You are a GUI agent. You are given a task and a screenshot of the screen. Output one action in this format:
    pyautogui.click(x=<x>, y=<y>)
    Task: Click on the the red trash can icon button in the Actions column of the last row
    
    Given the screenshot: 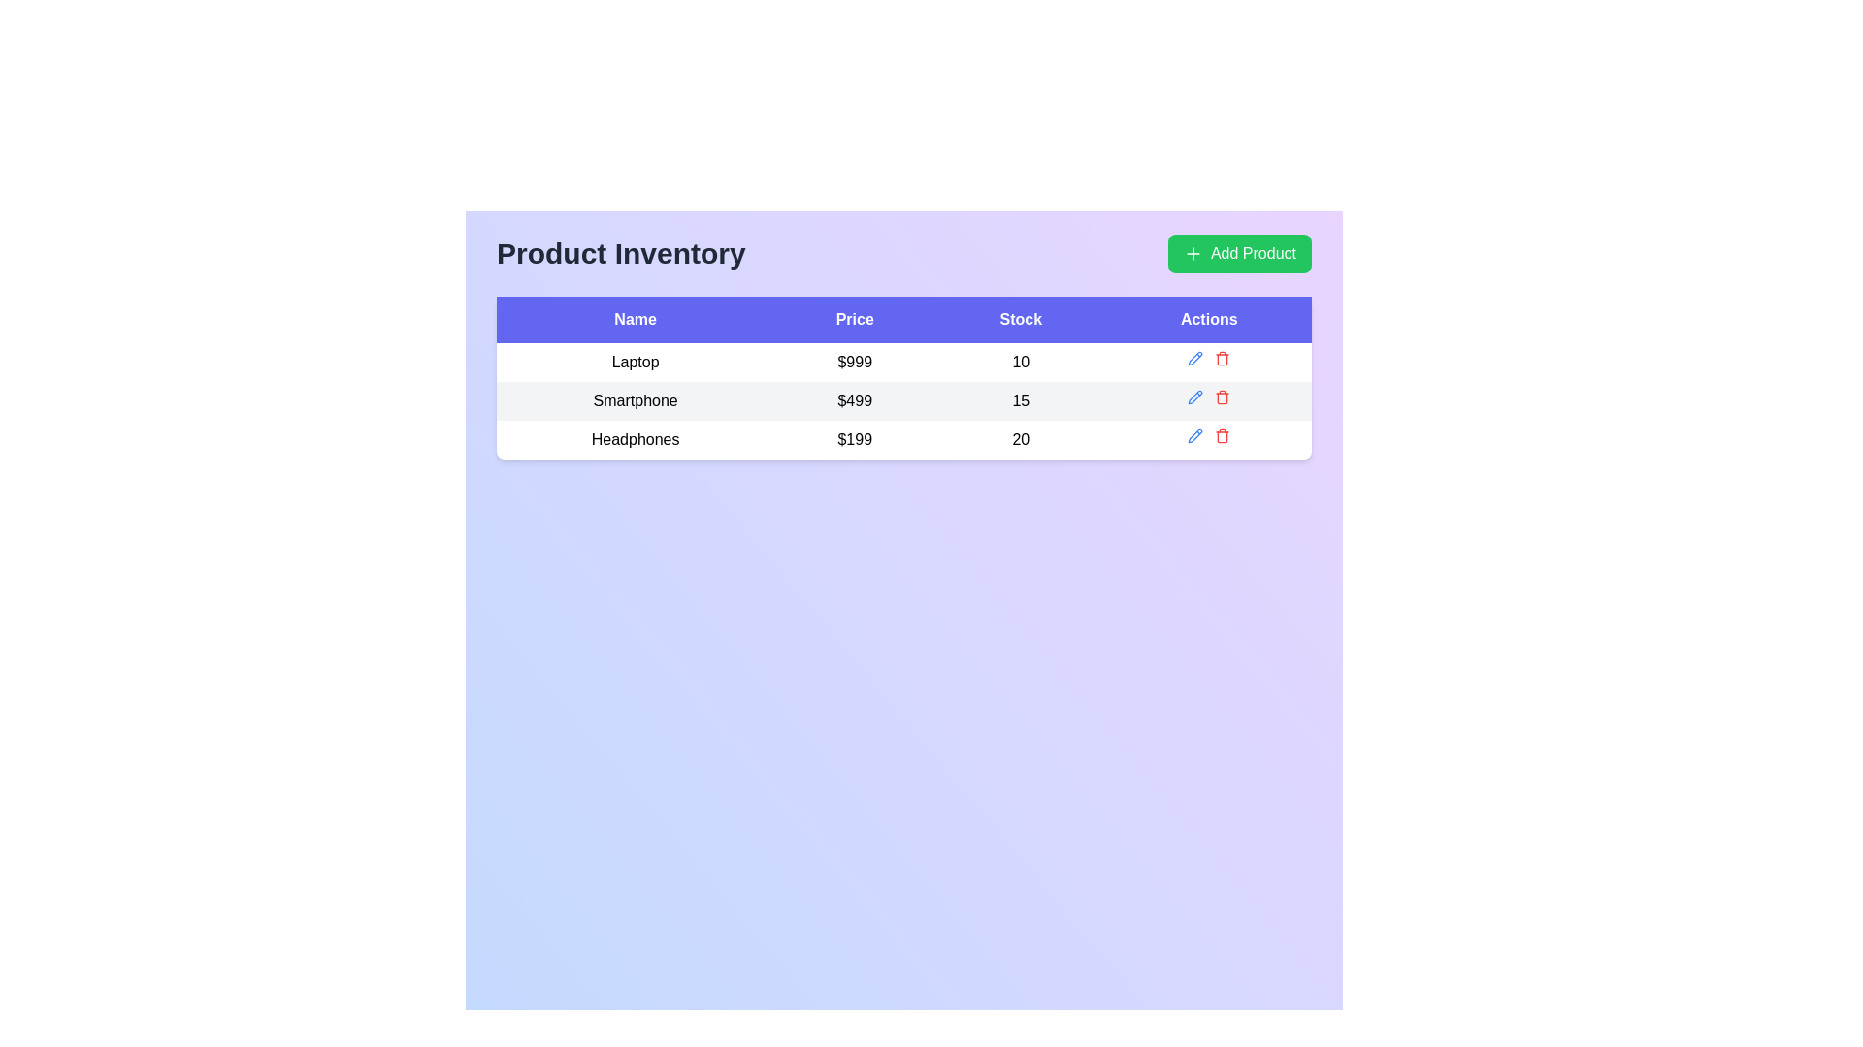 What is the action you would take?
    pyautogui.click(x=1222, y=436)
    